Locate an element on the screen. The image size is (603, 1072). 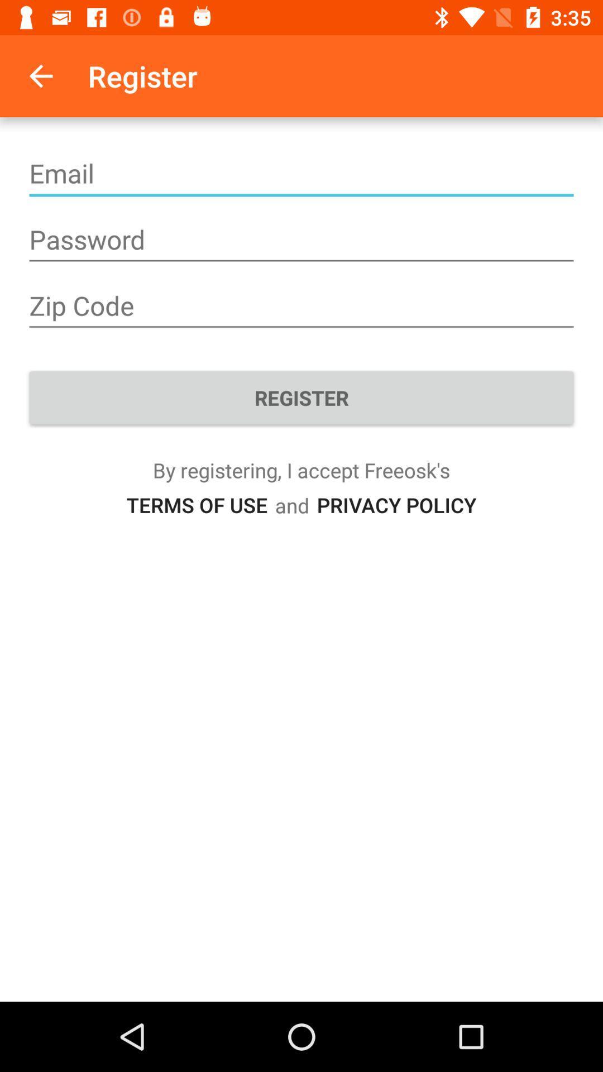
the icon to the right of and is located at coordinates (396, 504).